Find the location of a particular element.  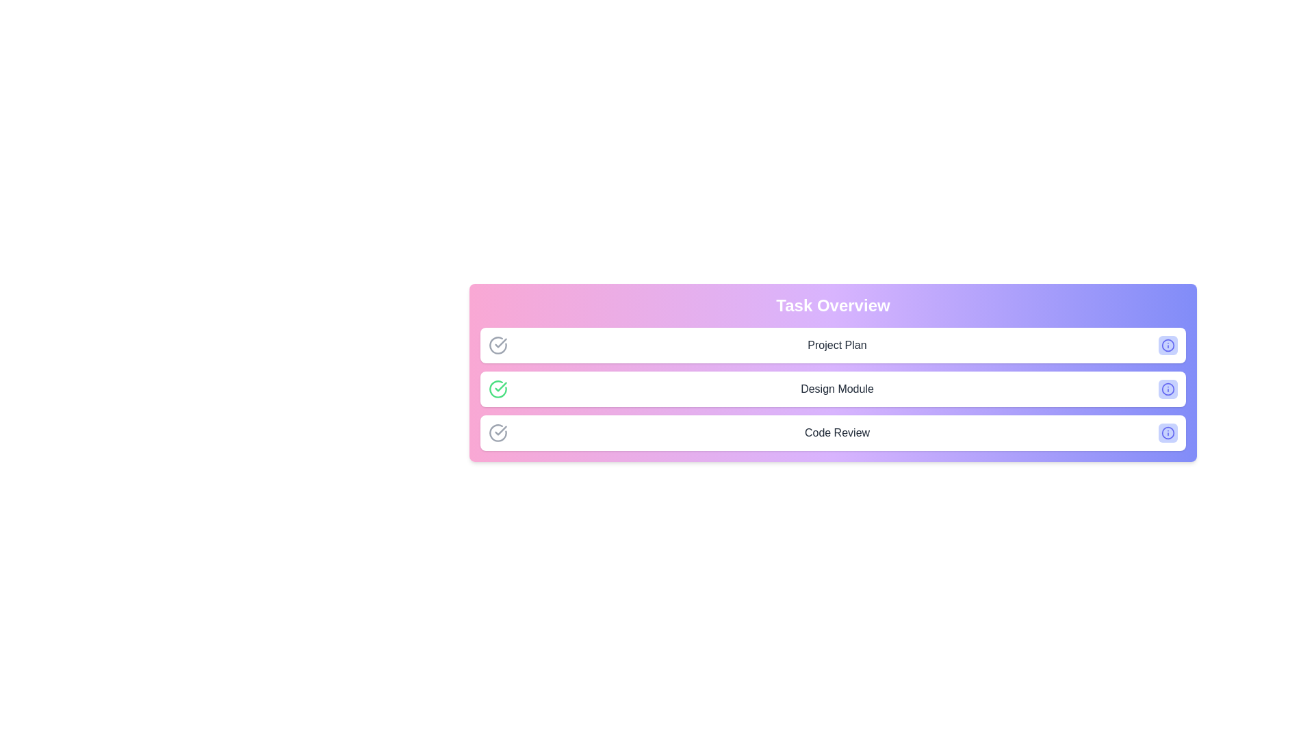

the 'Info' button corresponding to the task Project Plan is located at coordinates (1168, 345).